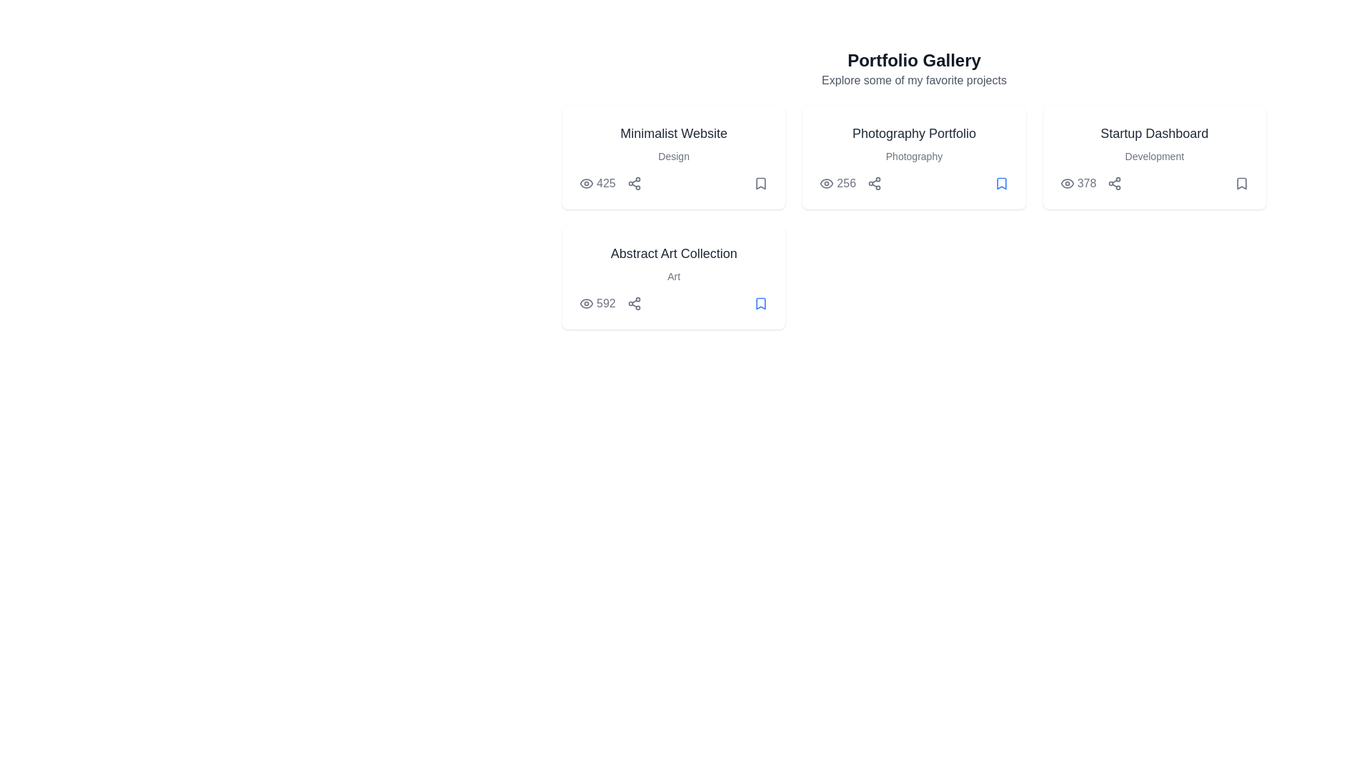  What do you see at coordinates (1241, 183) in the screenshot?
I see `the outlined gray bookmark icon located` at bounding box center [1241, 183].